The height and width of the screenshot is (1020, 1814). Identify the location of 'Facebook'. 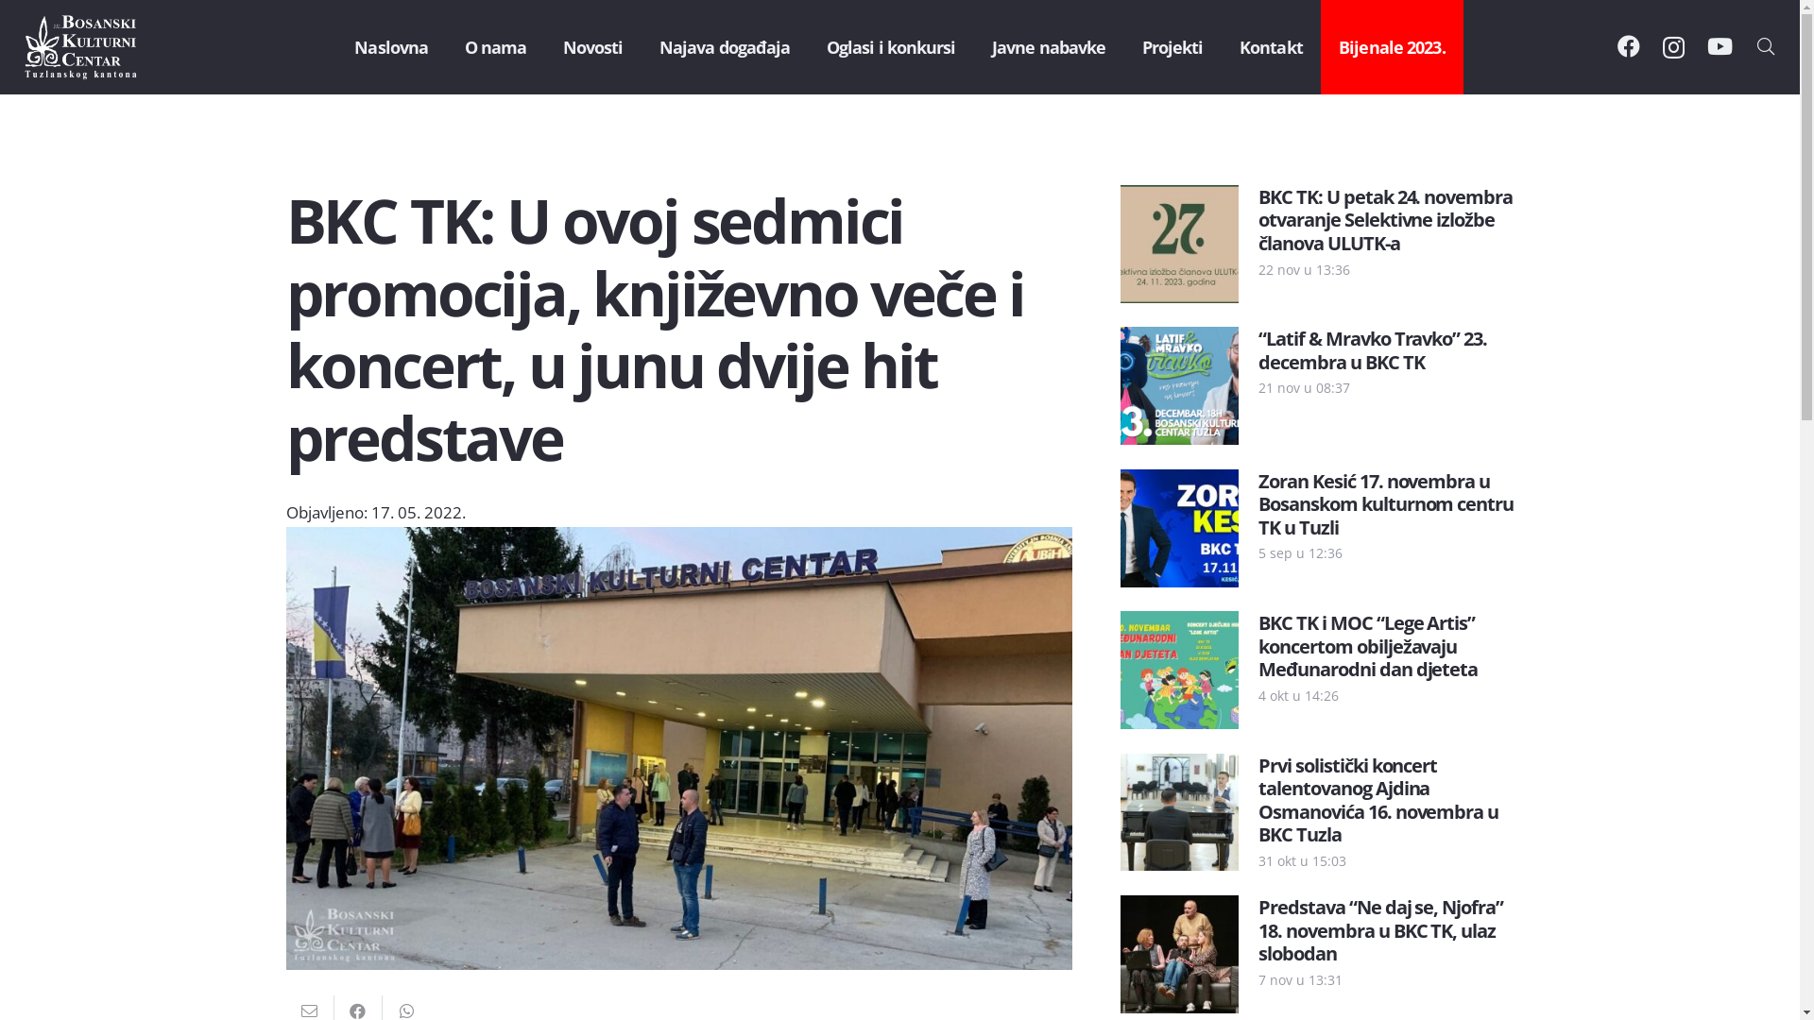
(1627, 45).